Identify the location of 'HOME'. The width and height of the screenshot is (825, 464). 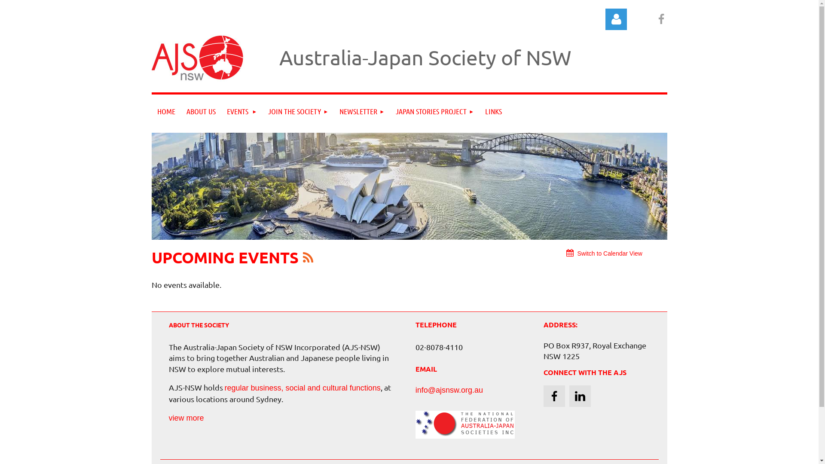
(165, 111).